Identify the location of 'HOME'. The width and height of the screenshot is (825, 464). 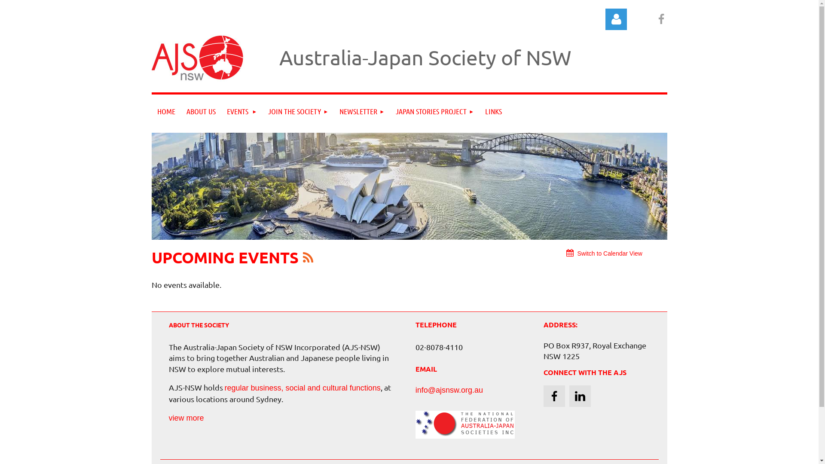
(165, 111).